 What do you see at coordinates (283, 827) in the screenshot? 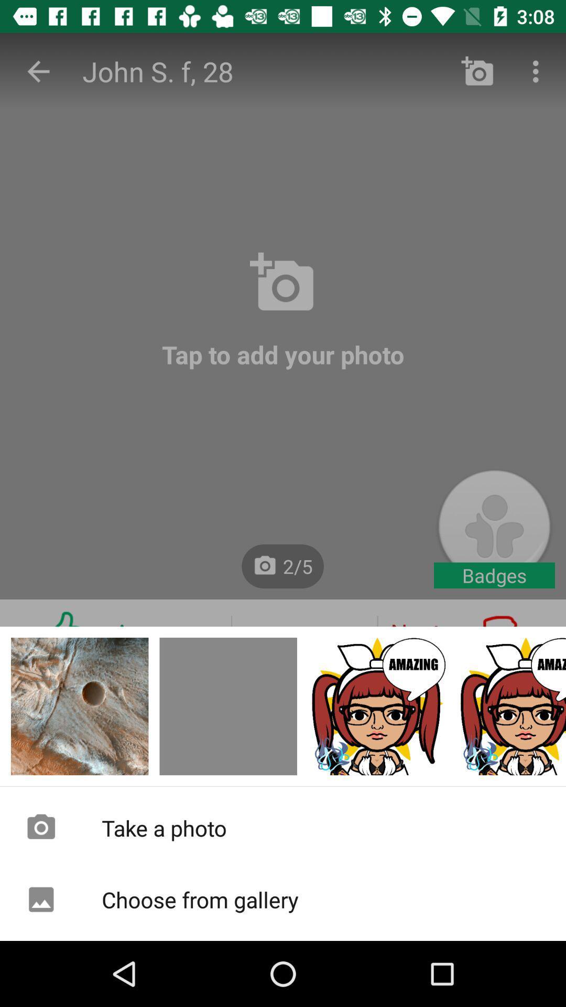
I see `the icon above the choose from gallery icon` at bounding box center [283, 827].